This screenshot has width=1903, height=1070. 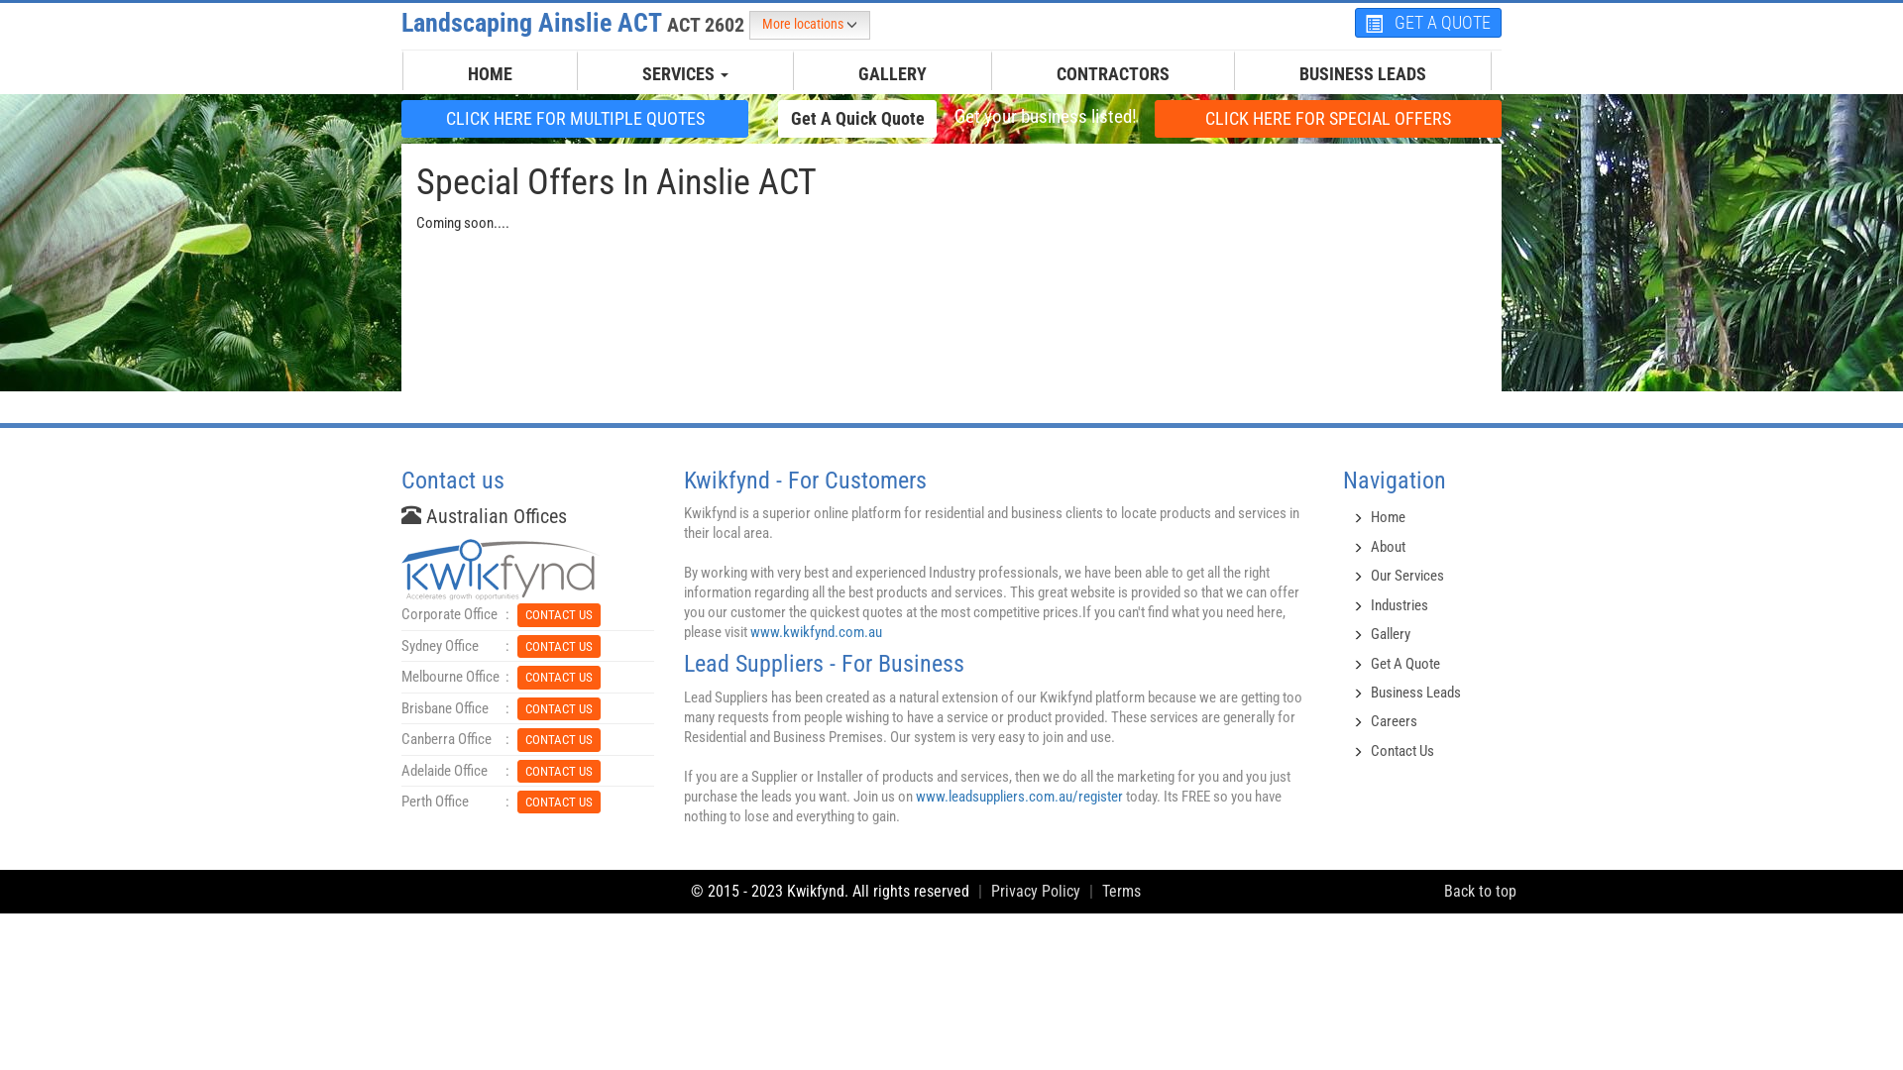 I want to click on 'CONTACT US', so click(x=557, y=801).